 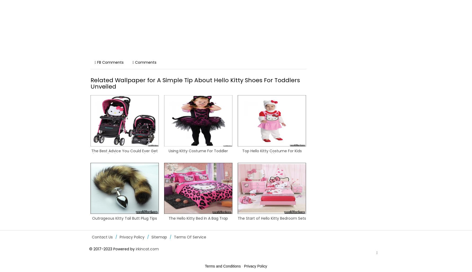 I want to click on 'The Best Advice You Could Ever Get About Hello Kitty Carseat And Stroller', so click(x=124, y=152).